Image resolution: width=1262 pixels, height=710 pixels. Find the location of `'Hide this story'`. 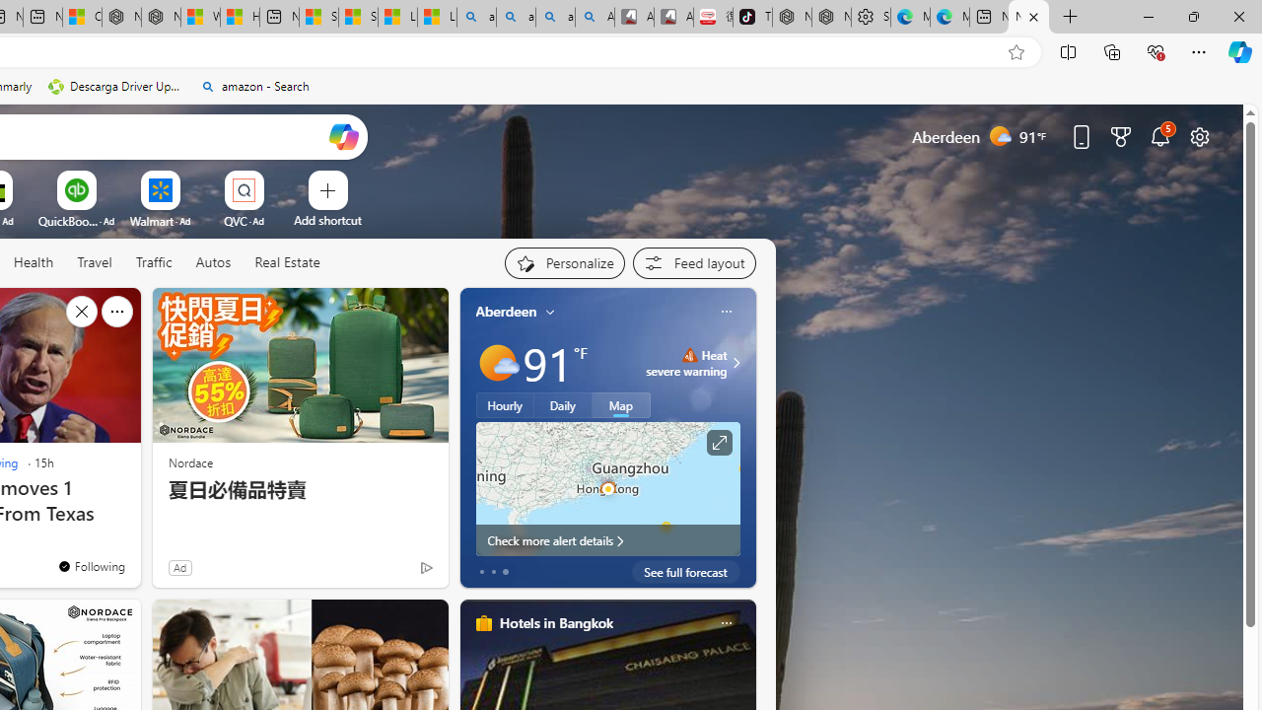

'Hide this story' is located at coordinates (80, 311).